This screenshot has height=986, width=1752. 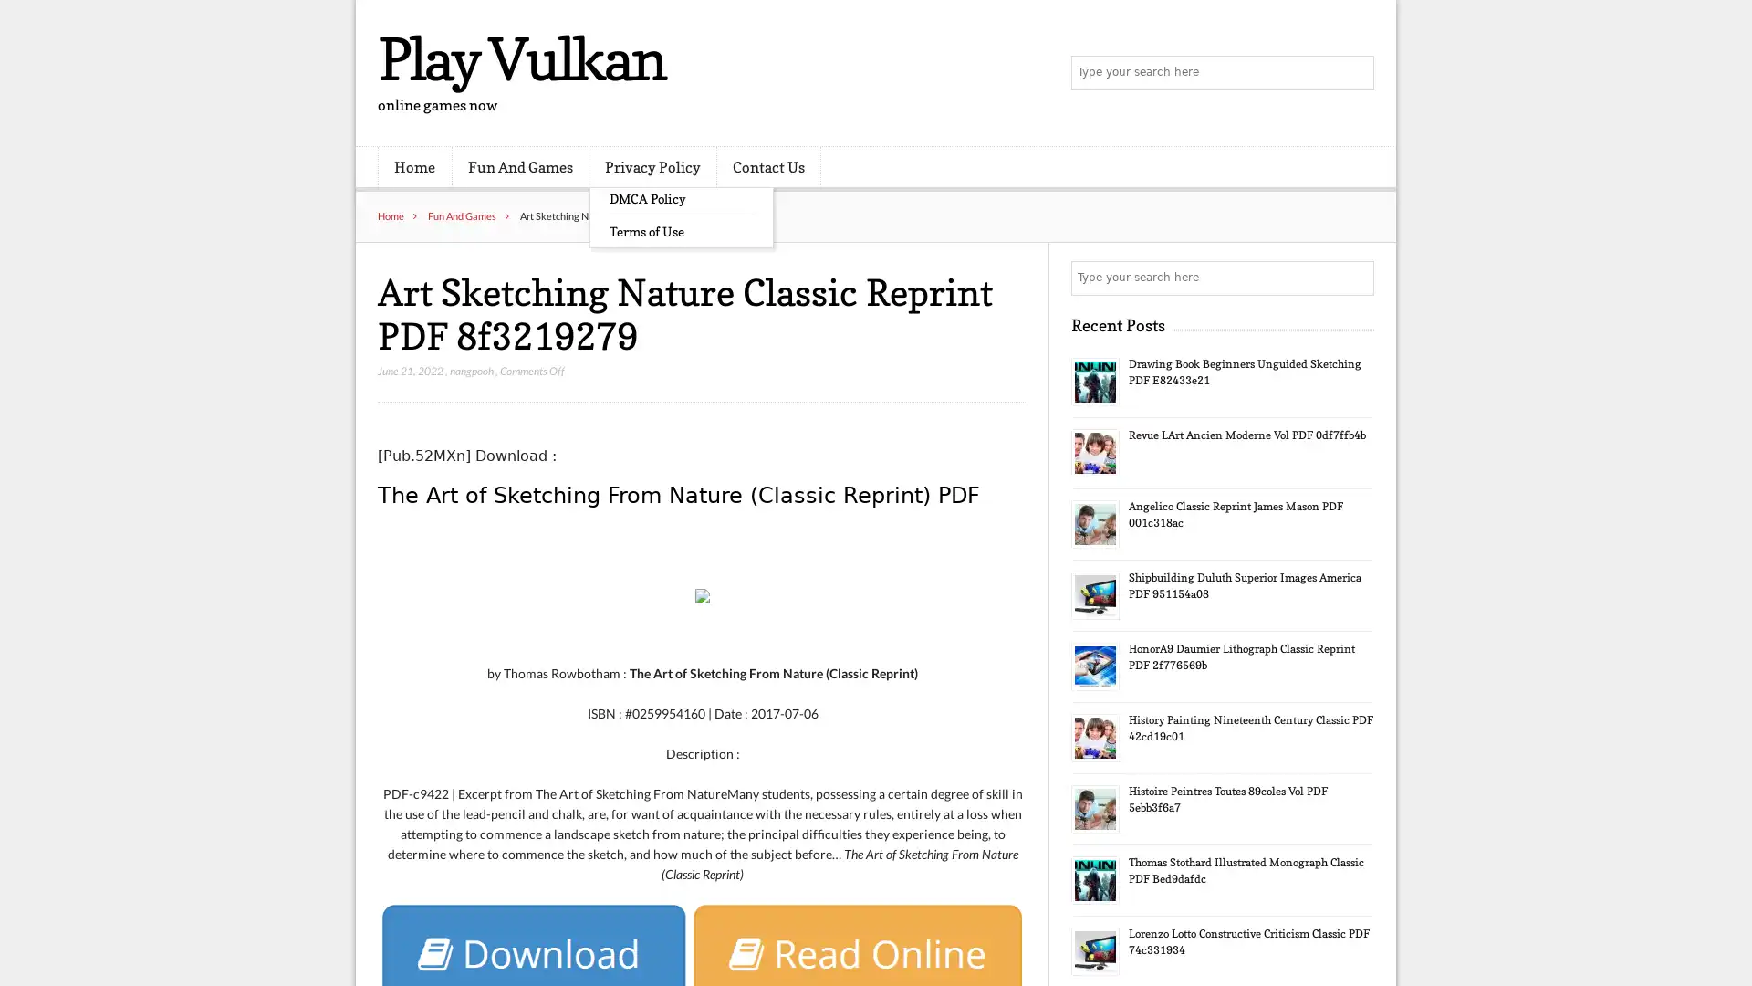 I want to click on Search, so click(x=1355, y=278).